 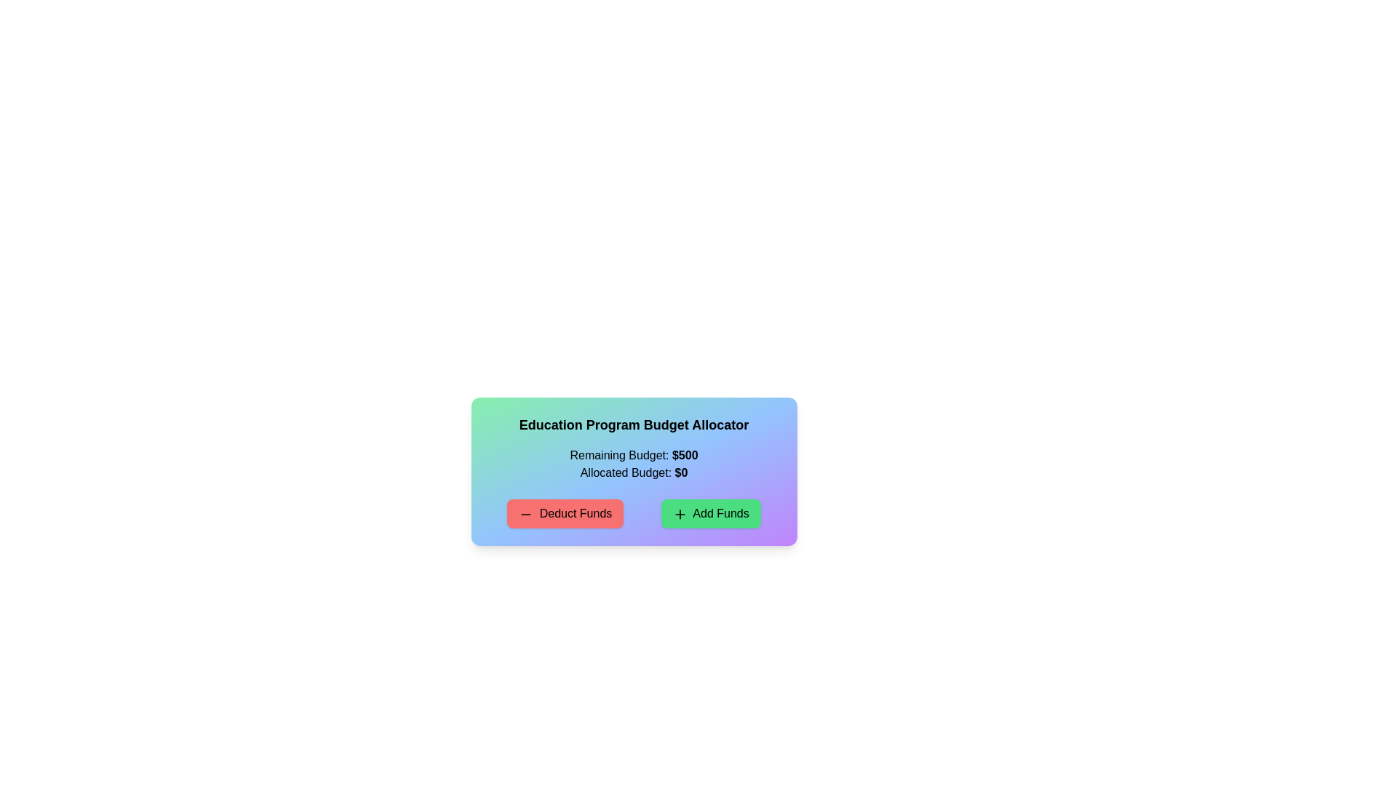 I want to click on the 'Deduct Funds' button in the button group located within the 'Education Program Budget Allocator' box, so click(x=634, y=512).